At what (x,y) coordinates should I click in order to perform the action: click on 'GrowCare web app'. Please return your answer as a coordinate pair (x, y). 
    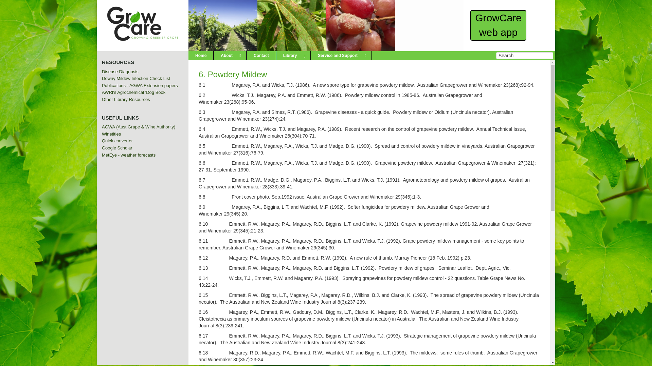
    Looking at the image, I should click on (498, 24).